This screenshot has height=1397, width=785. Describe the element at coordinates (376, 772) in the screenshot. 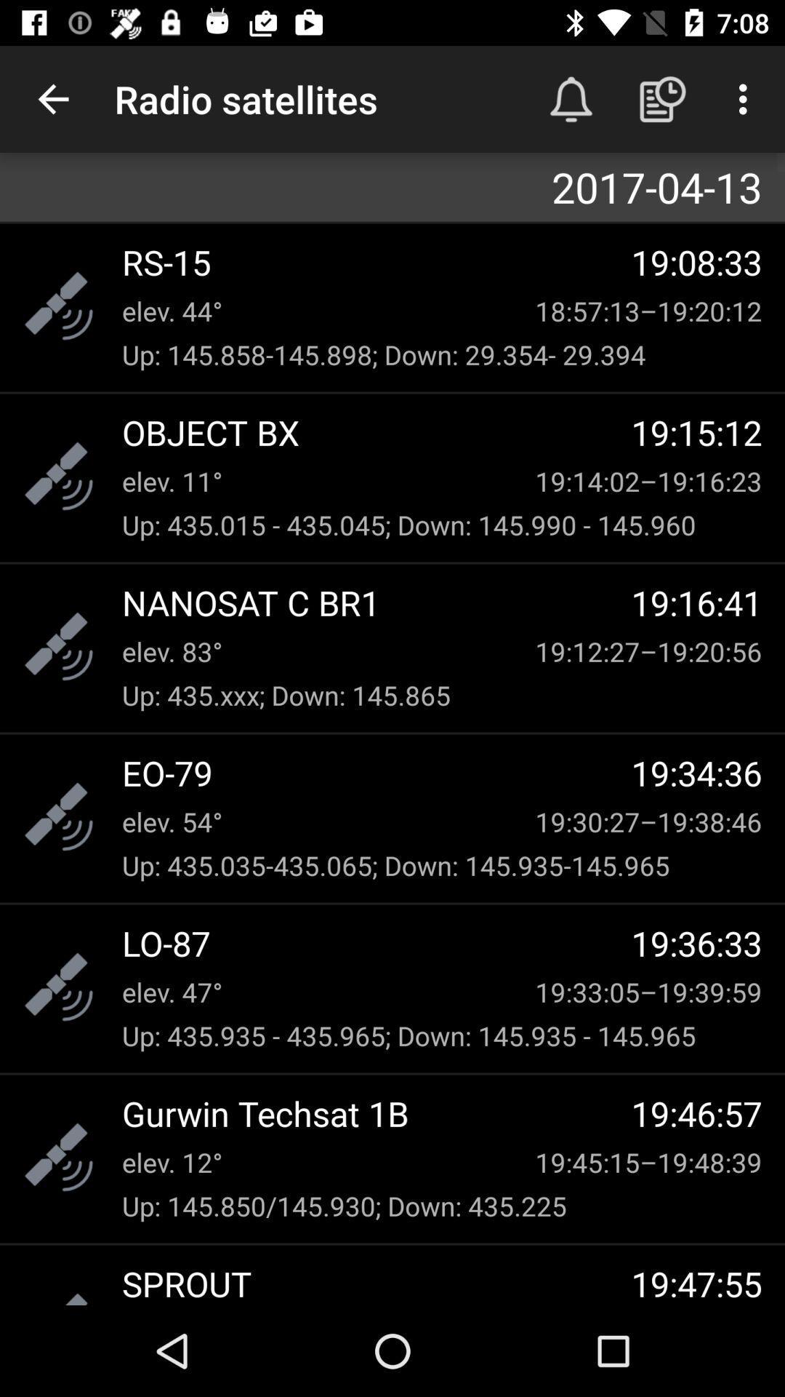

I see `the item to the left of the 19:34:36 item` at that location.